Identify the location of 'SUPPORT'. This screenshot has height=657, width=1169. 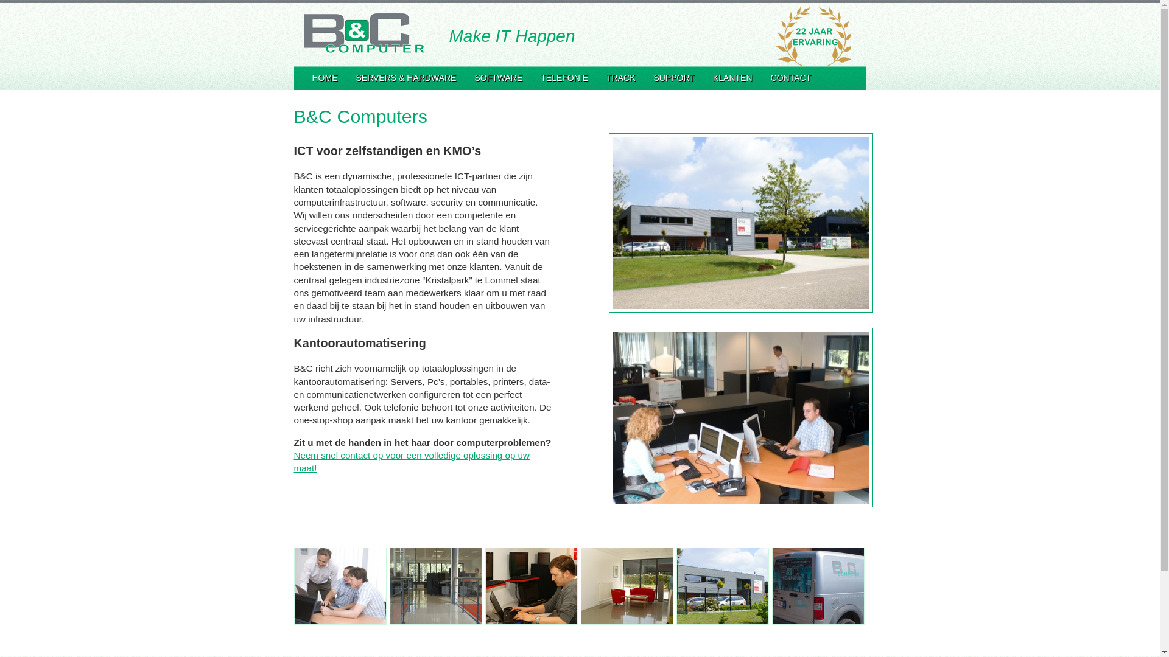
(673, 78).